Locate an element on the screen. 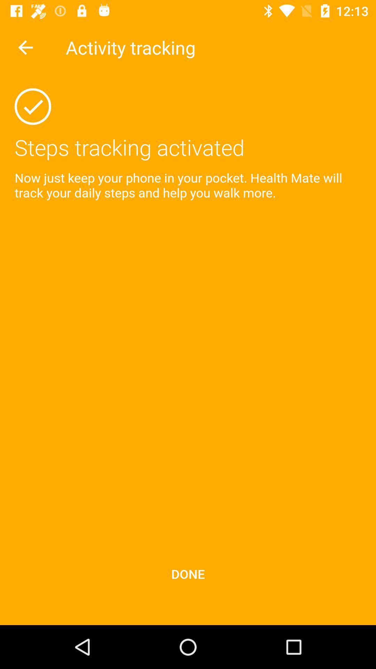 Image resolution: width=376 pixels, height=669 pixels. the icon below now just keep item is located at coordinates (188, 574).